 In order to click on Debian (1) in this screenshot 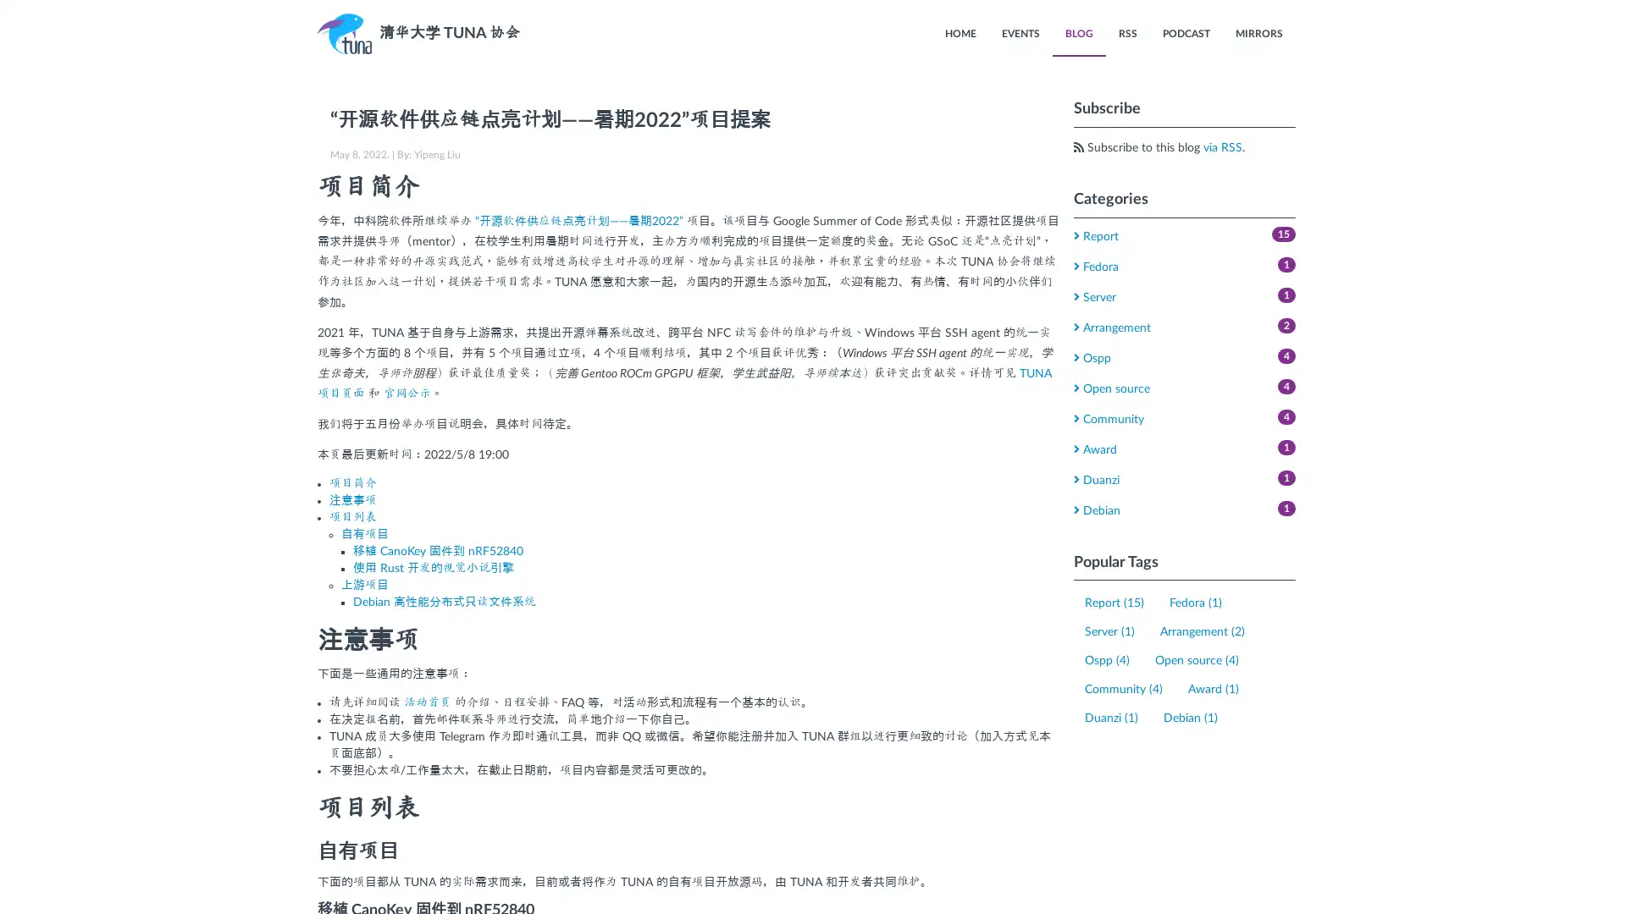, I will do `click(1189, 718)`.